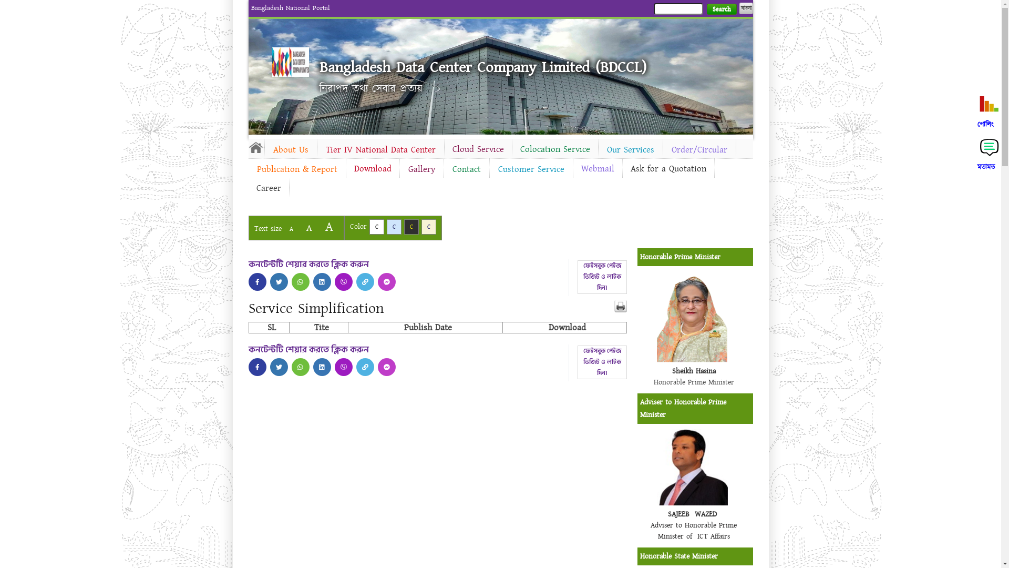 The width and height of the screenshot is (1009, 568). Describe the element at coordinates (328, 226) in the screenshot. I see `'A'` at that location.